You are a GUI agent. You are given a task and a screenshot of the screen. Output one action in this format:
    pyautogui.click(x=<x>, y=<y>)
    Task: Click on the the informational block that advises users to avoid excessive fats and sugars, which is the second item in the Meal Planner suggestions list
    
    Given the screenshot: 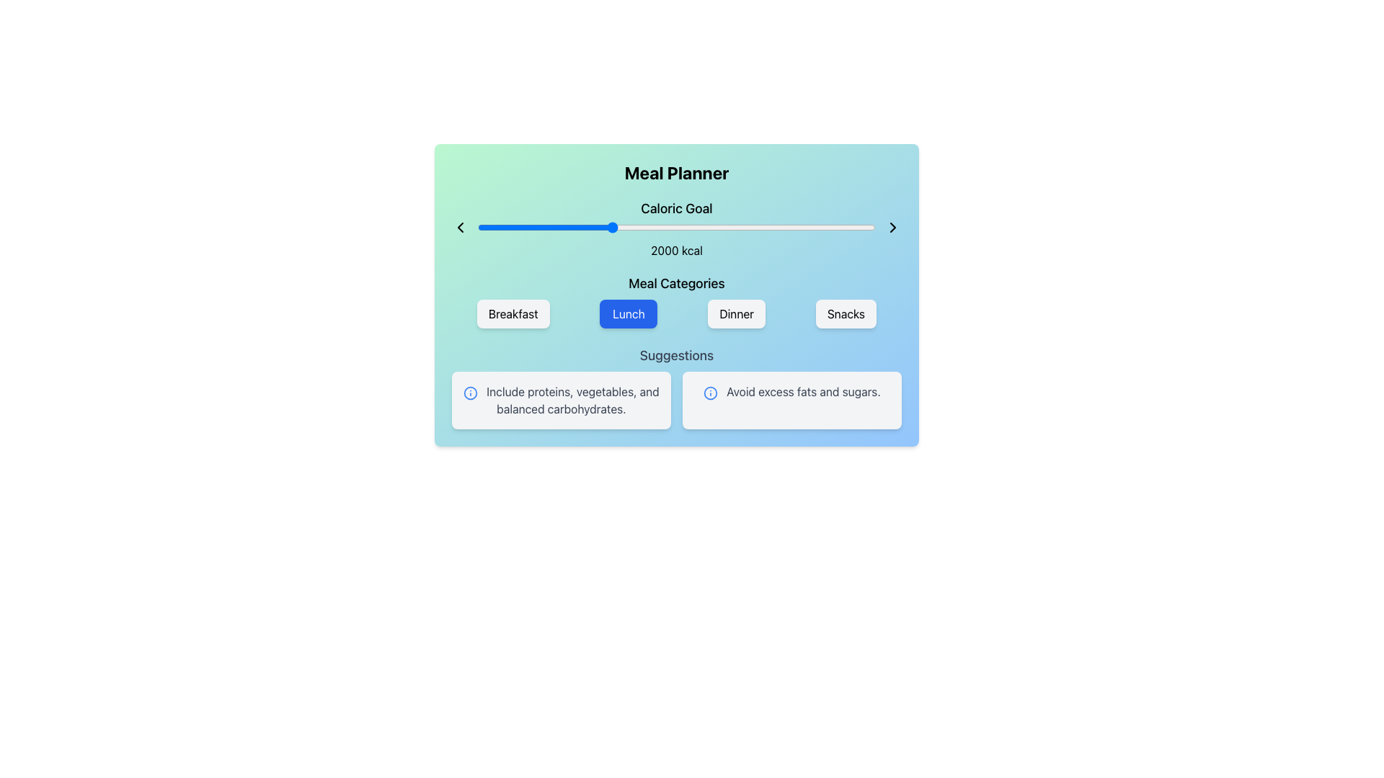 What is the action you would take?
    pyautogui.click(x=791, y=400)
    